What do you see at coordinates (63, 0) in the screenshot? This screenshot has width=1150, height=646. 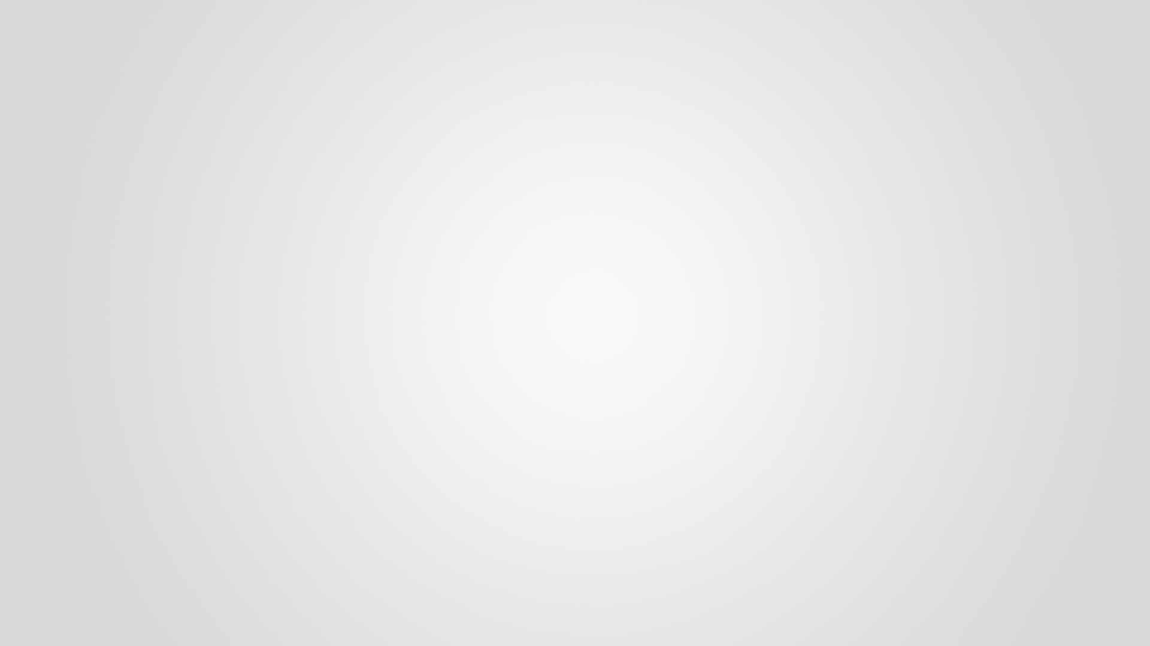 I see `'Overslaan en naar de inhoud gaan'` at bounding box center [63, 0].